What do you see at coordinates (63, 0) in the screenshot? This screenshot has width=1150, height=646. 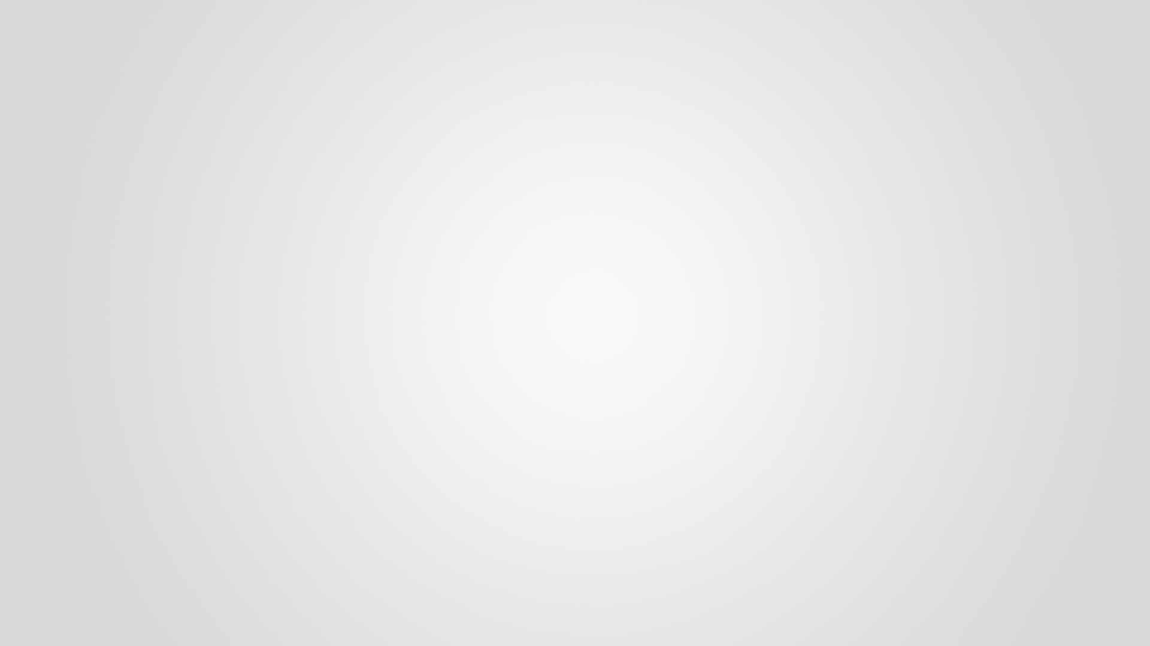 I see `'Overslaan en naar de inhoud gaan'` at bounding box center [63, 0].